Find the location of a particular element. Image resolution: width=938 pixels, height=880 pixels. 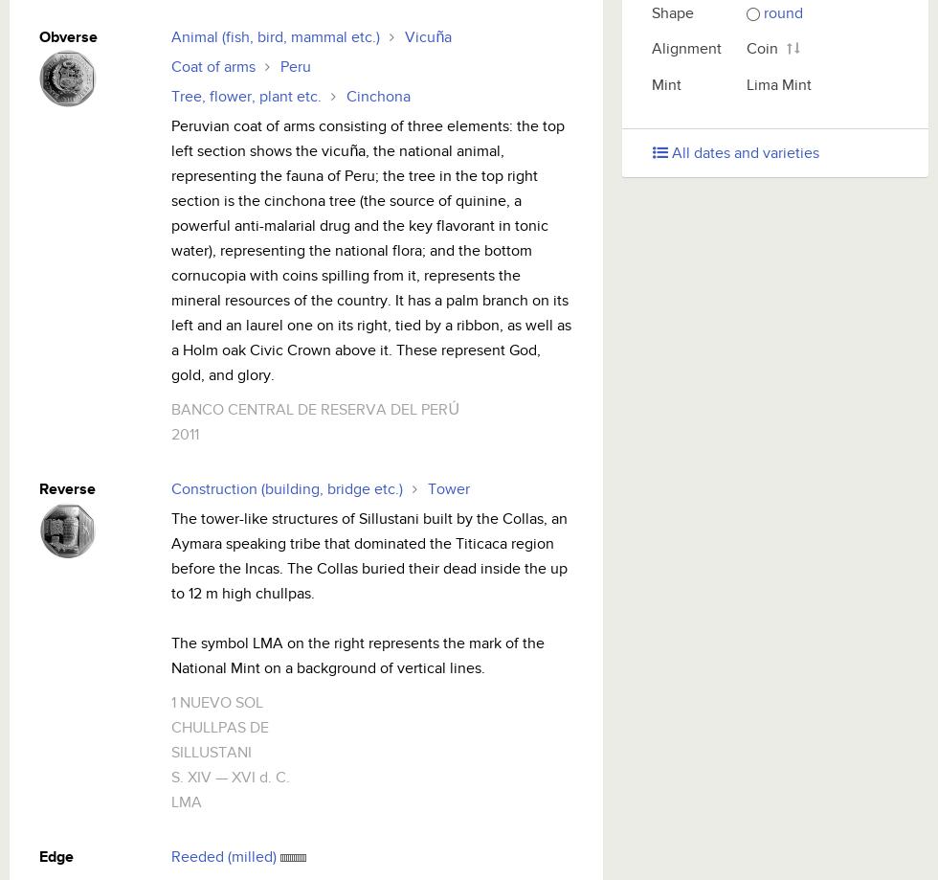

'Lima Mint' is located at coordinates (746, 84).